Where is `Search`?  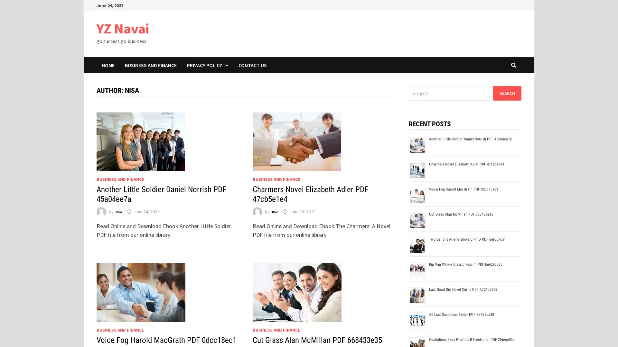 Search is located at coordinates (507, 93).